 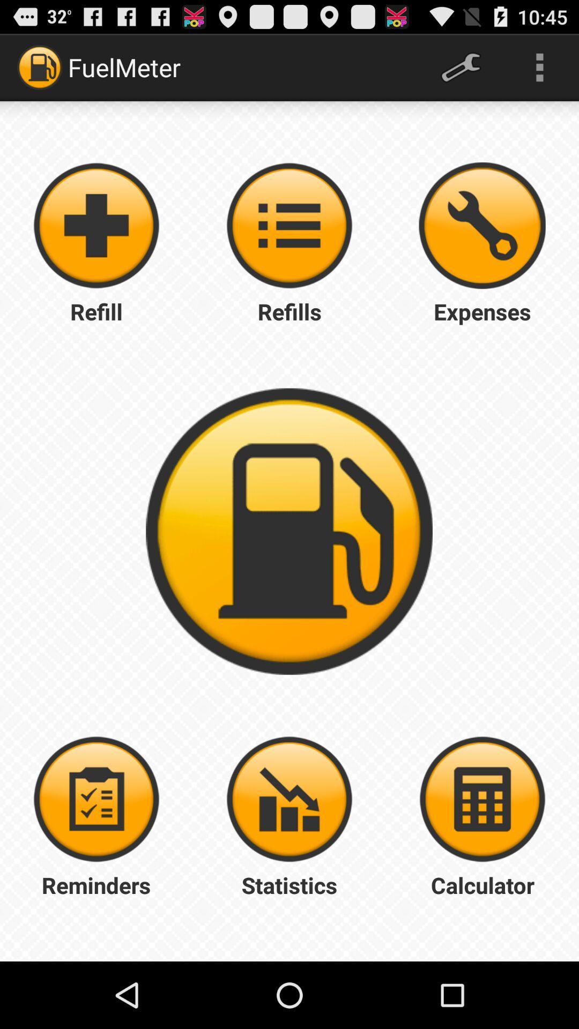 What do you see at coordinates (96, 799) in the screenshot?
I see `reminder button` at bounding box center [96, 799].